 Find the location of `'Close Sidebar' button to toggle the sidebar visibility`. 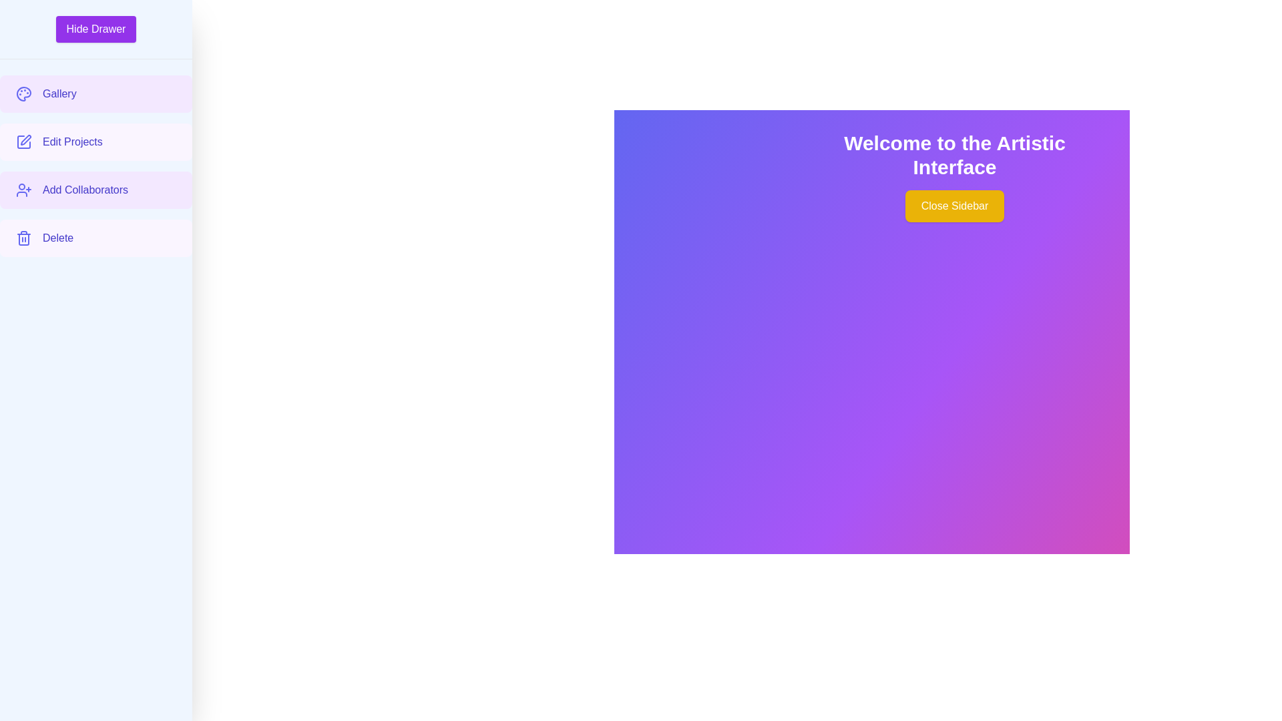

'Close Sidebar' button to toggle the sidebar visibility is located at coordinates (954, 206).